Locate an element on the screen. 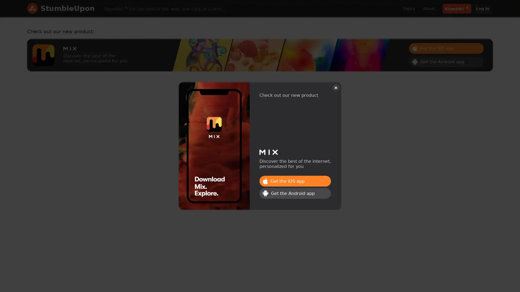  Header Image 1 Get the Android app is located at coordinates (295, 193).